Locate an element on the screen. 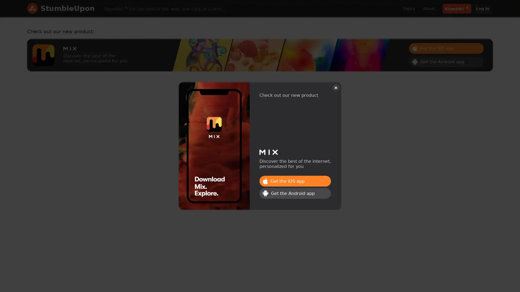  Header Image 1 Get the Android app is located at coordinates (295, 193).